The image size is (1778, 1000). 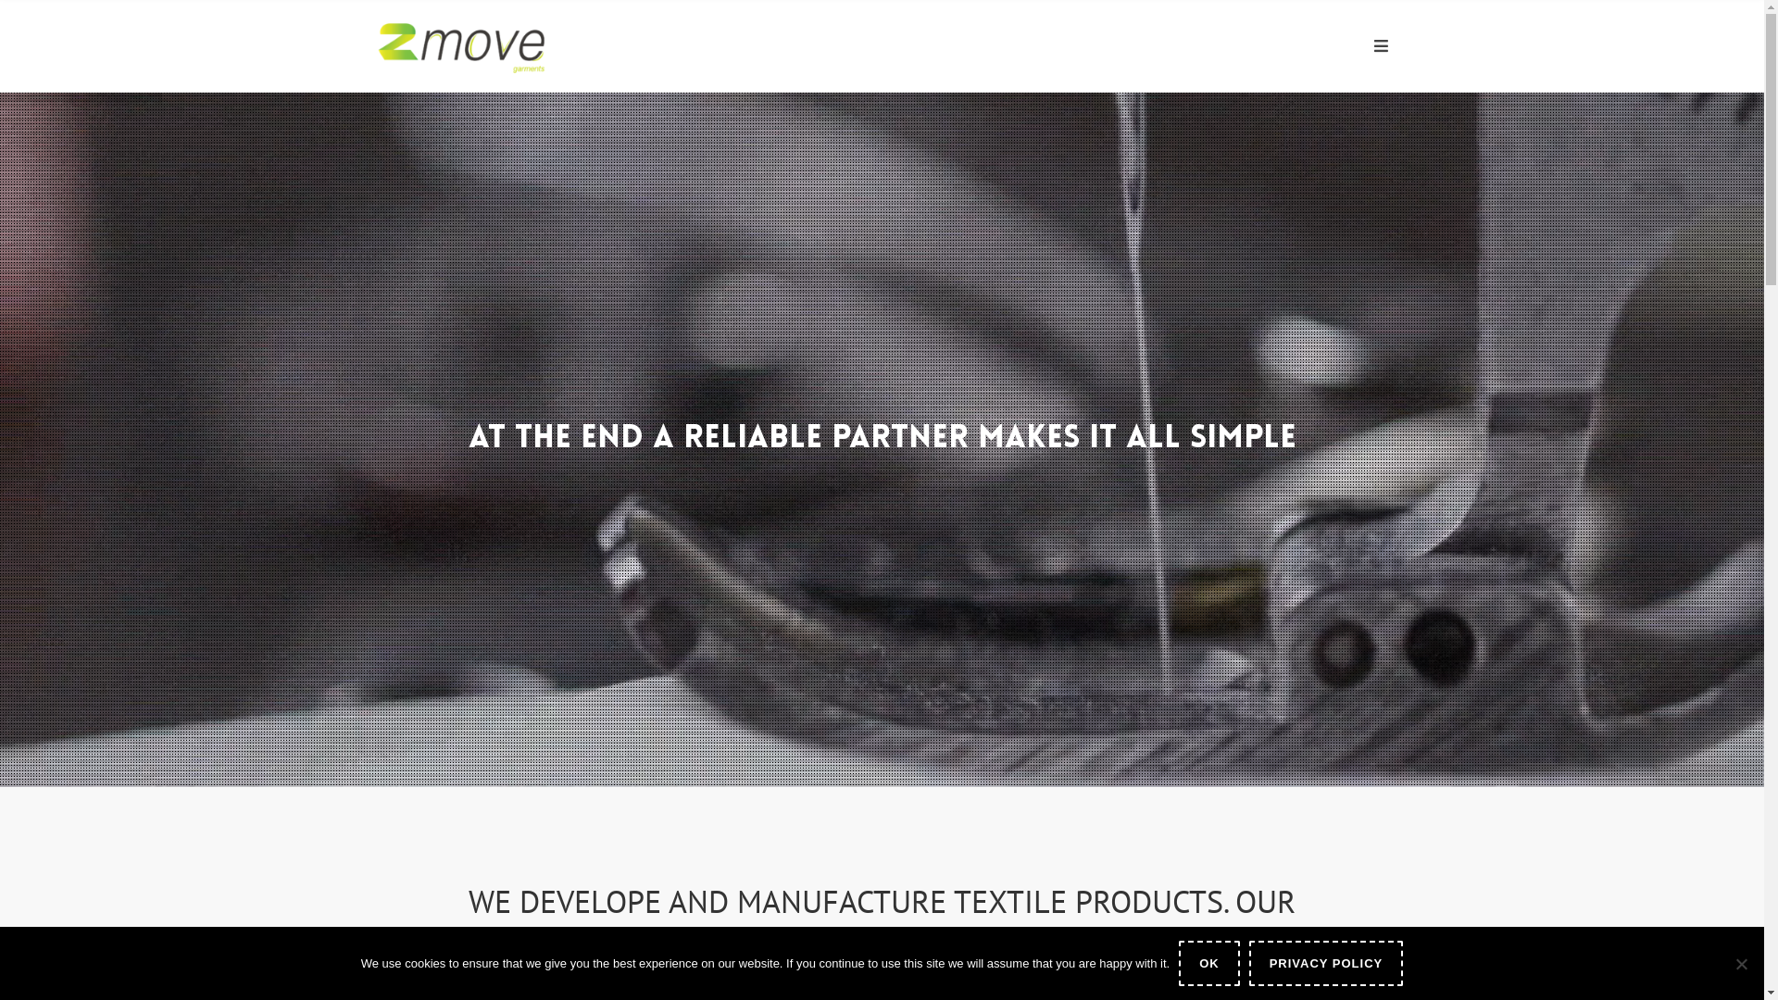 I want to click on '2Move Garments', so click(x=462, y=44).